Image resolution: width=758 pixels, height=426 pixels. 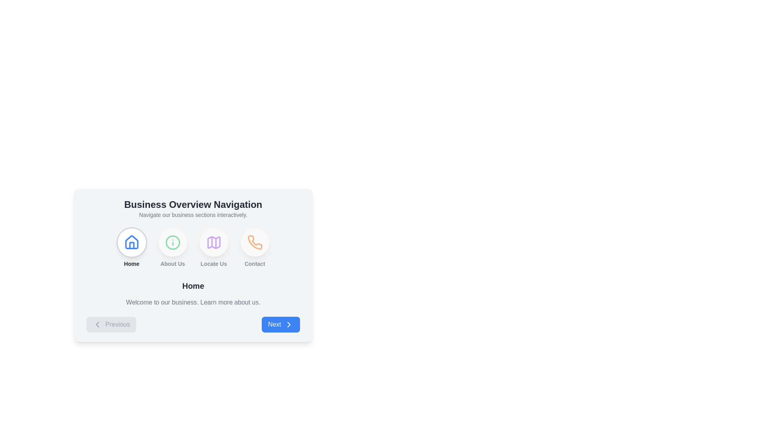 I want to click on the welcome message text label located under the 'Home' heading, which provides contextual information about the business and encourages exploration, so click(x=193, y=302).